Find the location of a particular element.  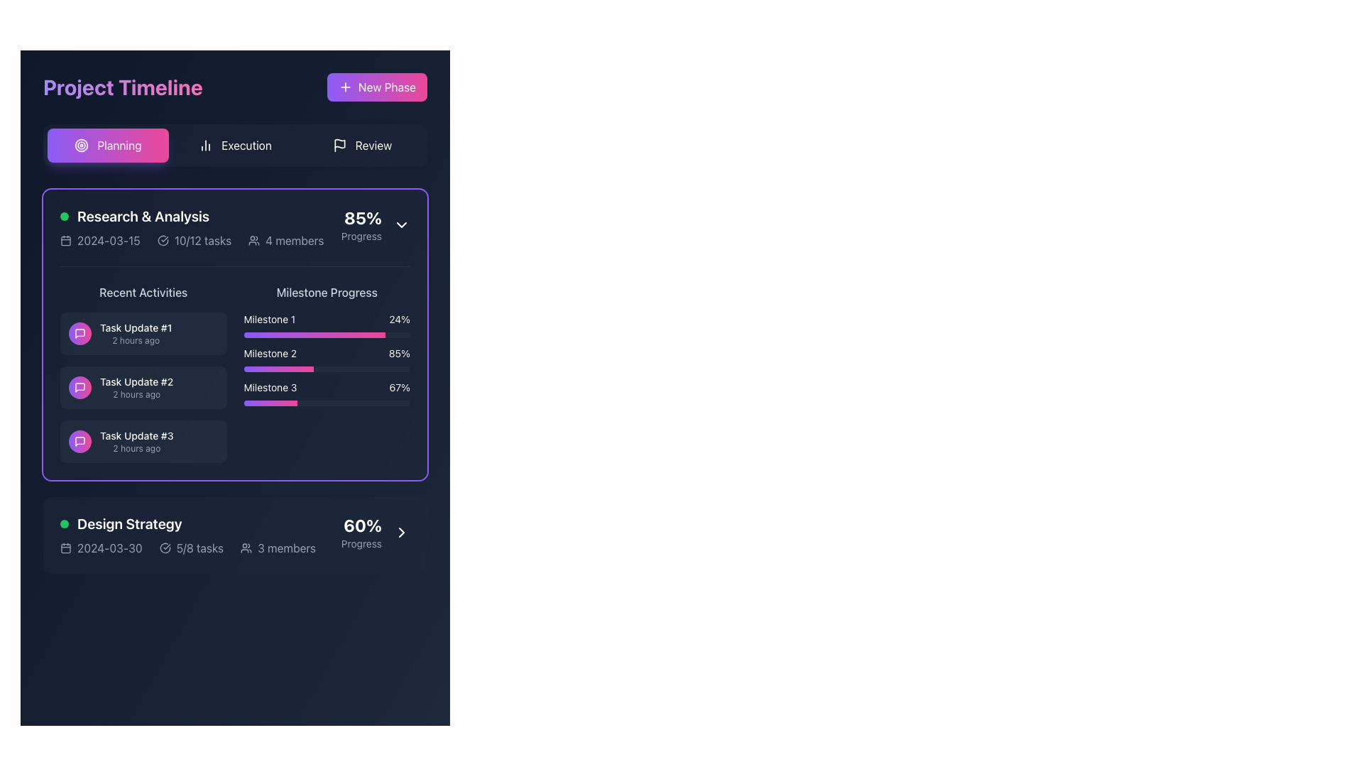

the 'Design Strategy' progress widget located in the bottom section of the content cards is located at coordinates (235, 535).